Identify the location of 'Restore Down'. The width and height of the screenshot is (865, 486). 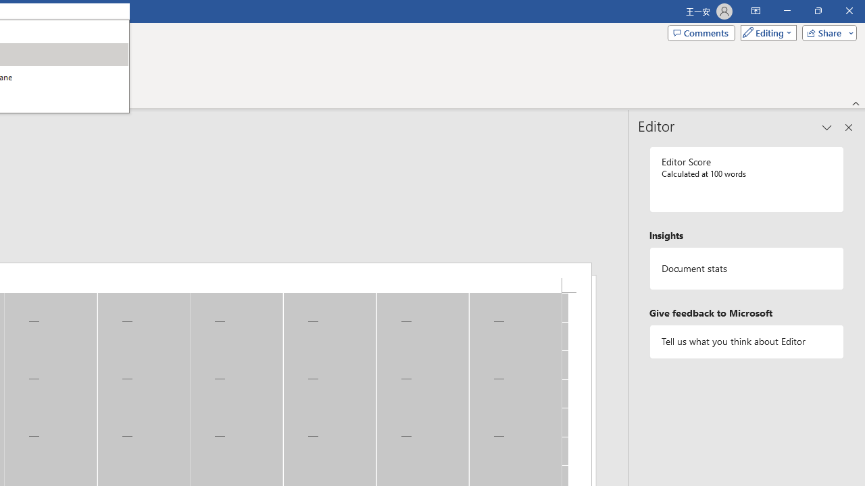
(817, 11).